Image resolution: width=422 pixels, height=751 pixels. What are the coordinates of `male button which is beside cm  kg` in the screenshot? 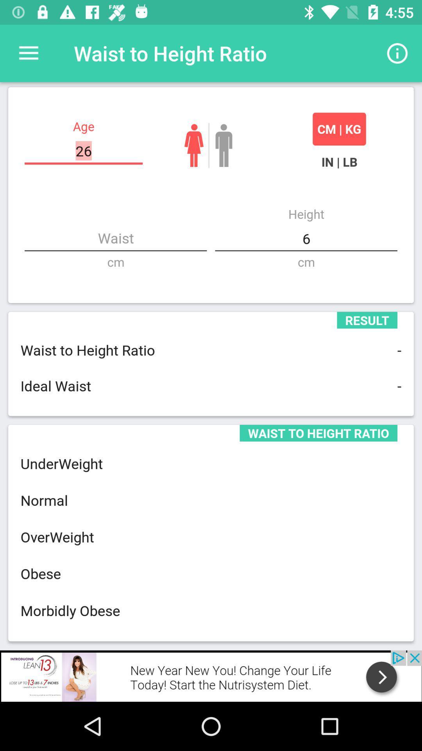 It's located at (224, 146).